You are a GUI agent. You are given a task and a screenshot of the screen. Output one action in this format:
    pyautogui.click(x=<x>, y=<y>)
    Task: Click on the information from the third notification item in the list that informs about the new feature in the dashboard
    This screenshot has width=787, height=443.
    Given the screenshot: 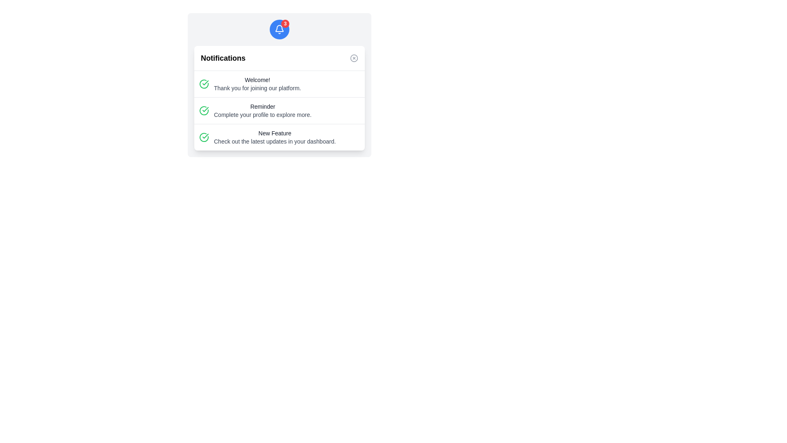 What is the action you would take?
    pyautogui.click(x=279, y=137)
    